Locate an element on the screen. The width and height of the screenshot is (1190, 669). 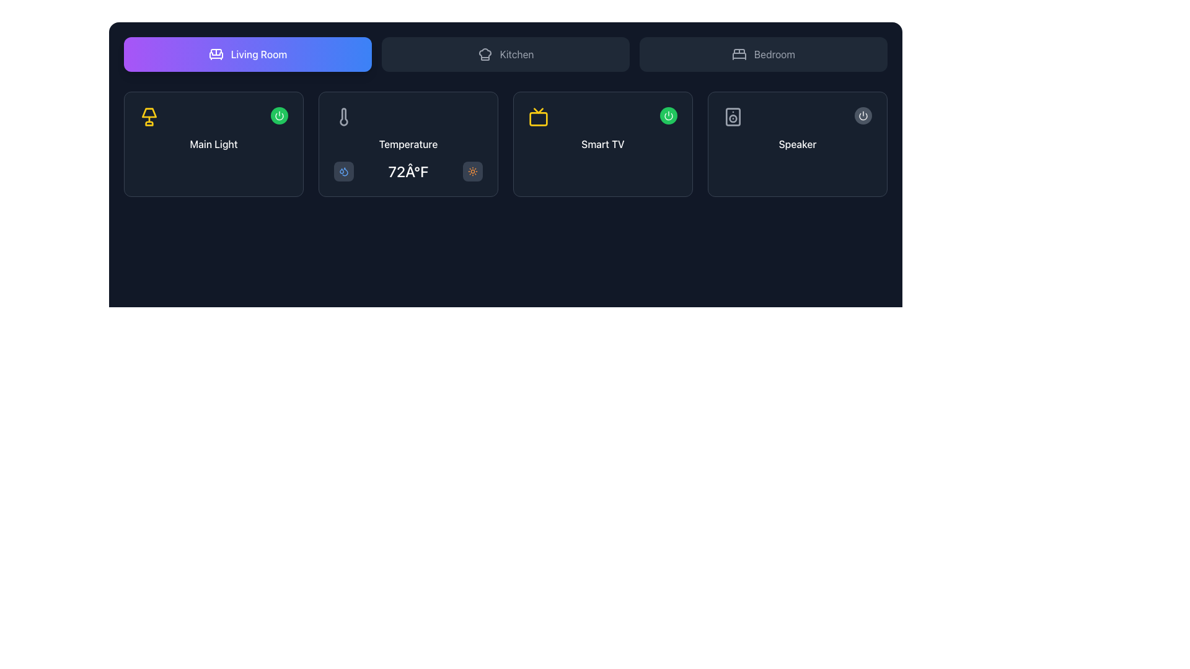
the static text label reading 'Smart TV', which is styled with a white font on a dark background and positioned beneath a yellow television icon in the 'Living Room' section is located at coordinates (603, 143).